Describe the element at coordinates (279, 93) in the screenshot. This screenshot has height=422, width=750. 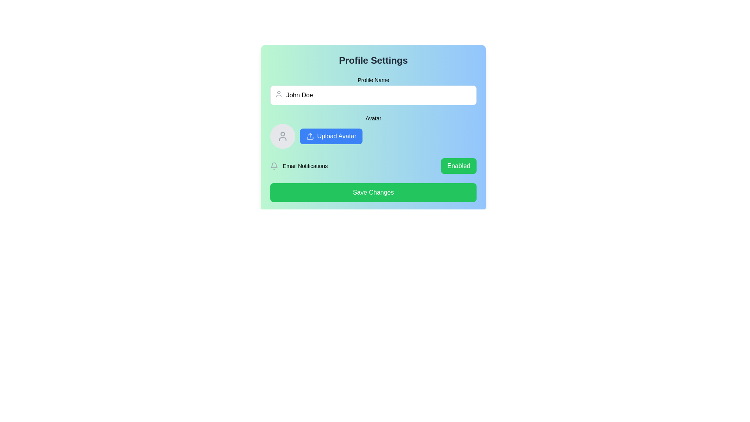
I see `the profile name icon located to the left of the 'Profile Name' input box in the 'Profile Settings' interface, aligned with the placeholder text 'John Doe.'` at that location.